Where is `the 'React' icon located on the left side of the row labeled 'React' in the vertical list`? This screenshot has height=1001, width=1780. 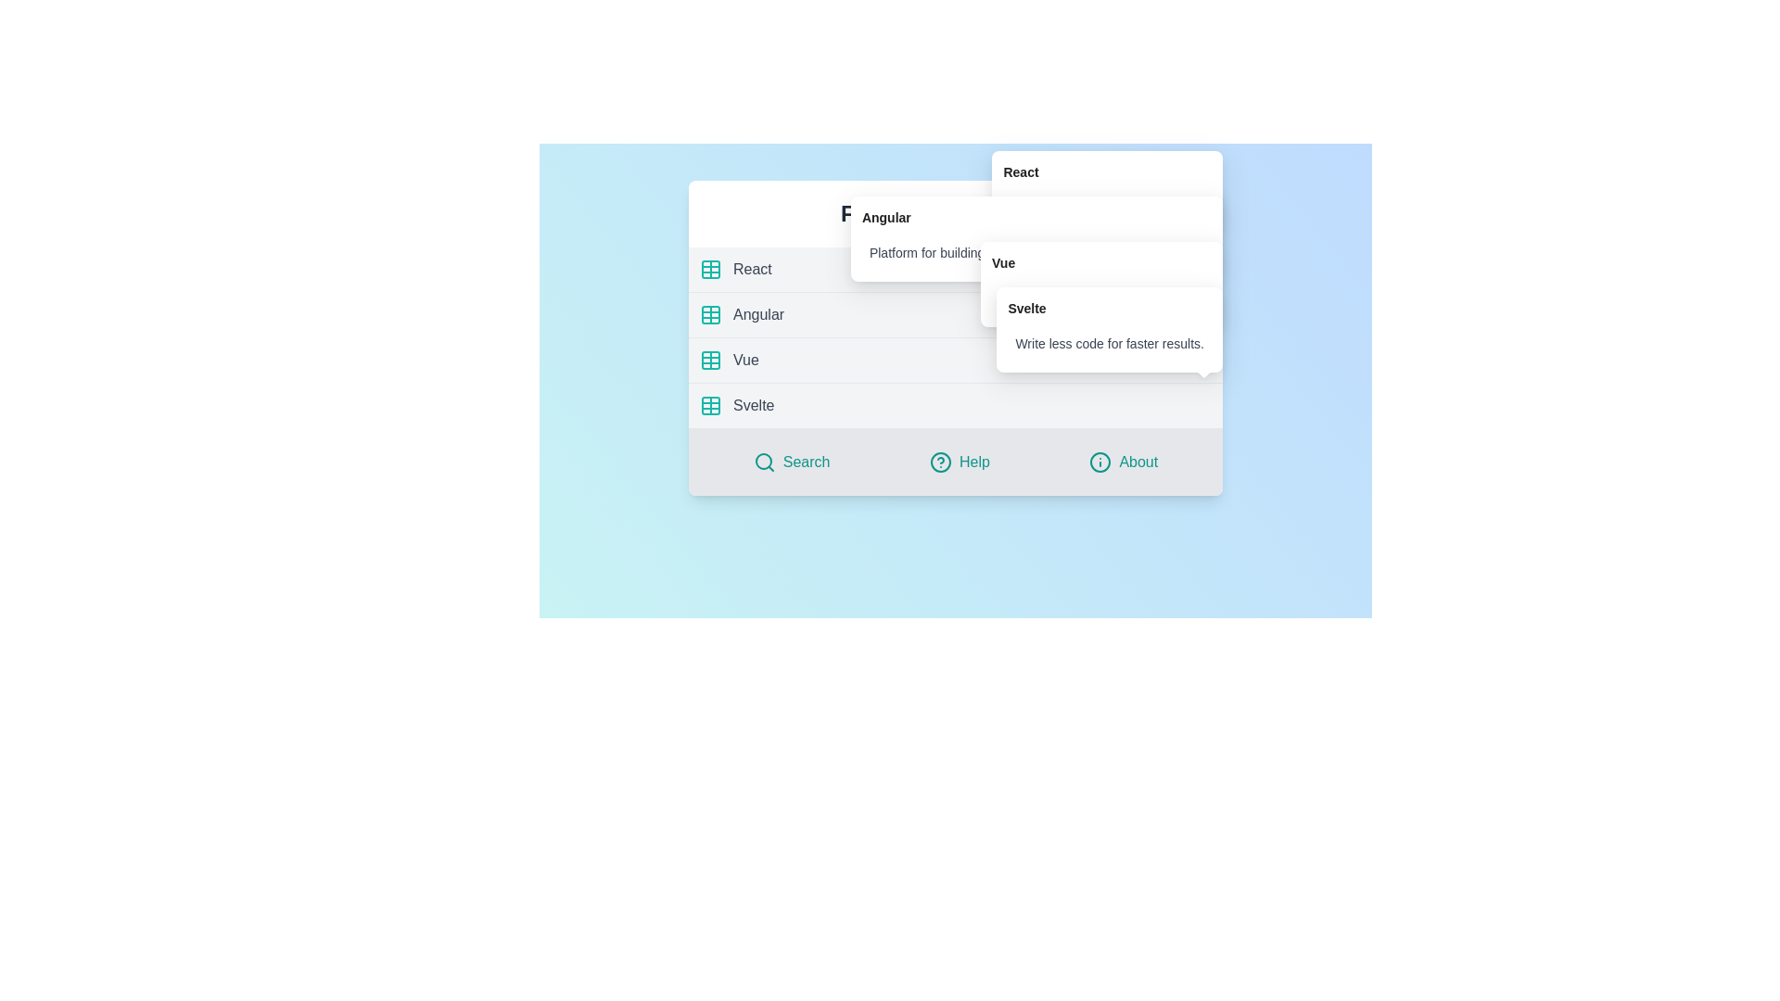
the 'React' icon located on the left side of the row labeled 'React' in the vertical list is located at coordinates (710, 269).